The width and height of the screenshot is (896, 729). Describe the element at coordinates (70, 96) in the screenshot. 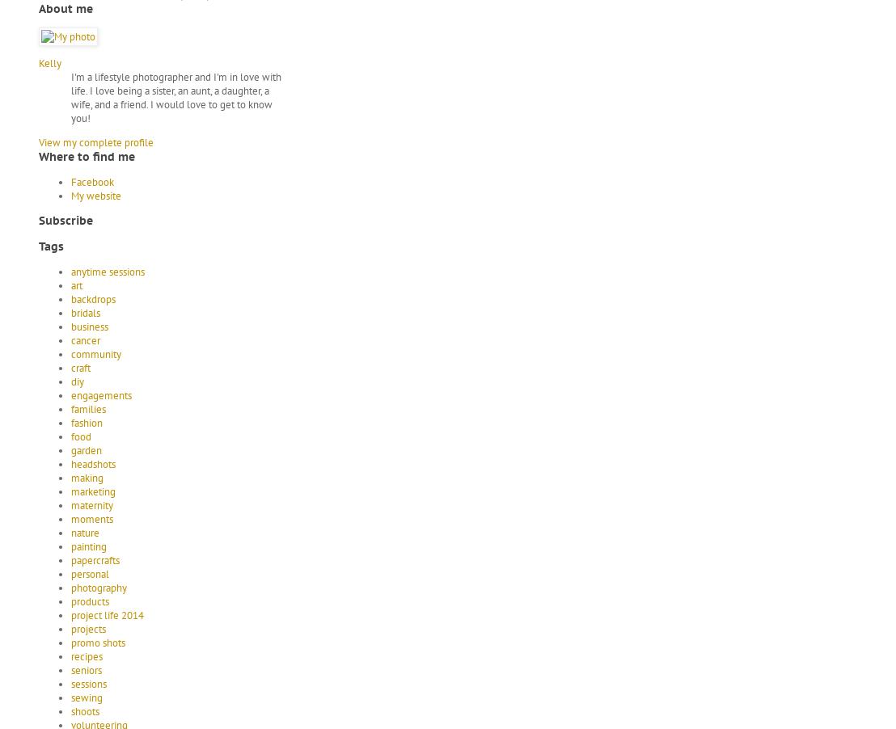

I see `'I'm a lifestyle photographer and I'm in love with life. I love being a sister, an aunt, a daughter, a wife, and a friend. I would love to get to know you!'` at that location.